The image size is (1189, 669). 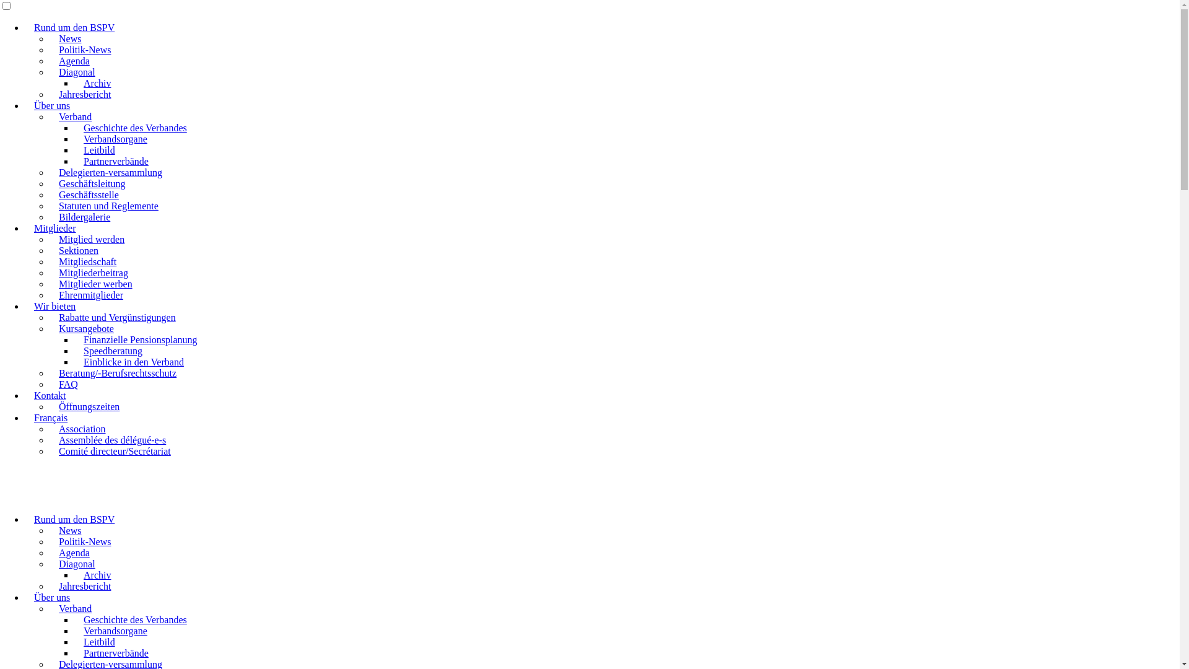 What do you see at coordinates (74, 116) in the screenshot?
I see `'Verband'` at bounding box center [74, 116].